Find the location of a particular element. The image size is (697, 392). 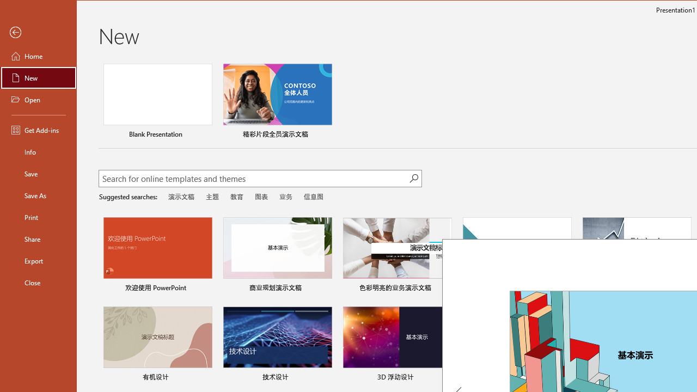

'Pin to list' is located at coordinates (683, 378).